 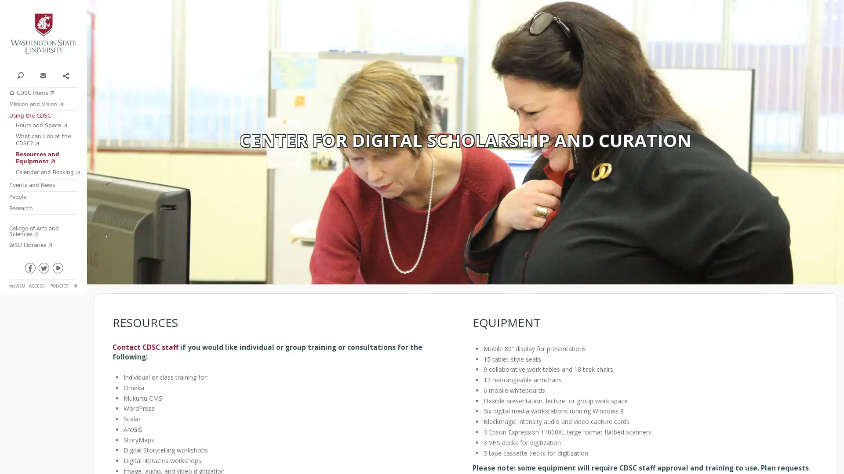 I want to click on $ Search, so click(x=20, y=74).